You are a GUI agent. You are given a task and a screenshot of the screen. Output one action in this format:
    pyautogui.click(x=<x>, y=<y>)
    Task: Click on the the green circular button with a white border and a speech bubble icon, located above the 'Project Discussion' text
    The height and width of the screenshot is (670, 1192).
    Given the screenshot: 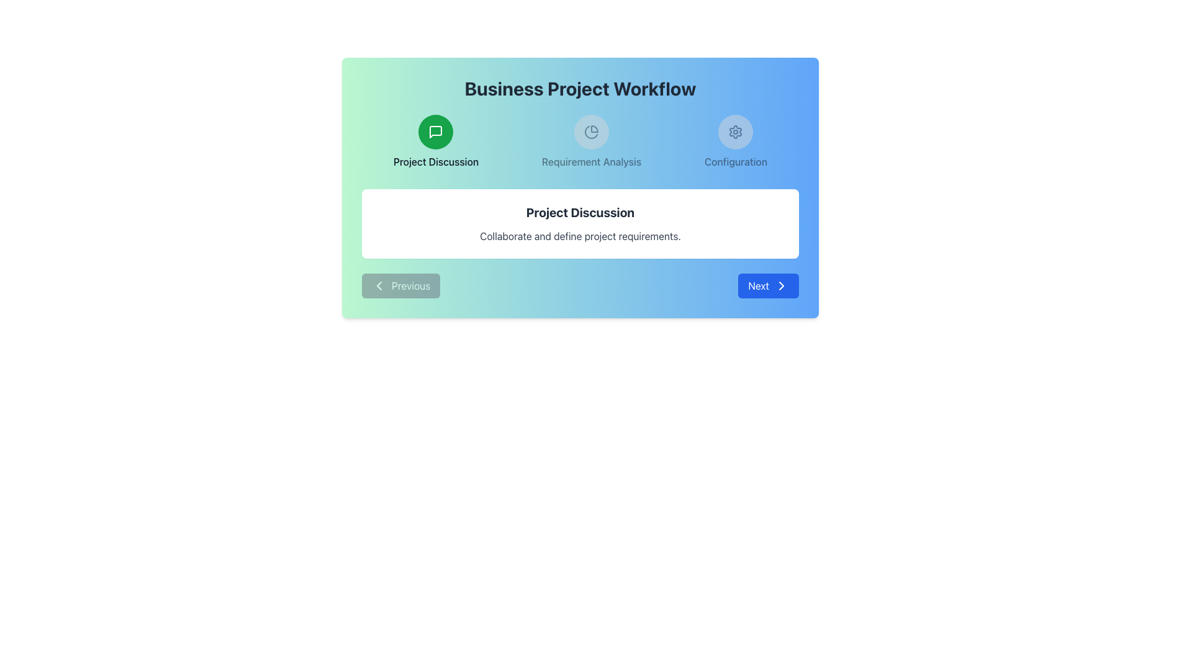 What is the action you would take?
    pyautogui.click(x=436, y=132)
    